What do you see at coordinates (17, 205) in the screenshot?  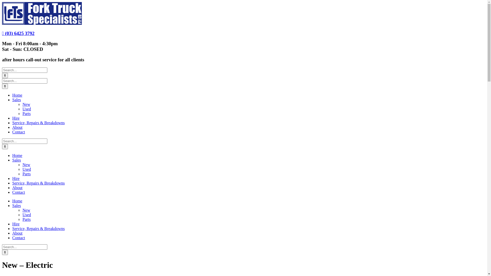 I see `'Sales'` at bounding box center [17, 205].